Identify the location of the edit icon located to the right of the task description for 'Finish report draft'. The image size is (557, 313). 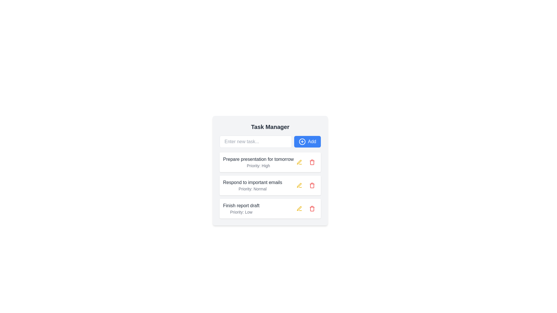
(299, 185).